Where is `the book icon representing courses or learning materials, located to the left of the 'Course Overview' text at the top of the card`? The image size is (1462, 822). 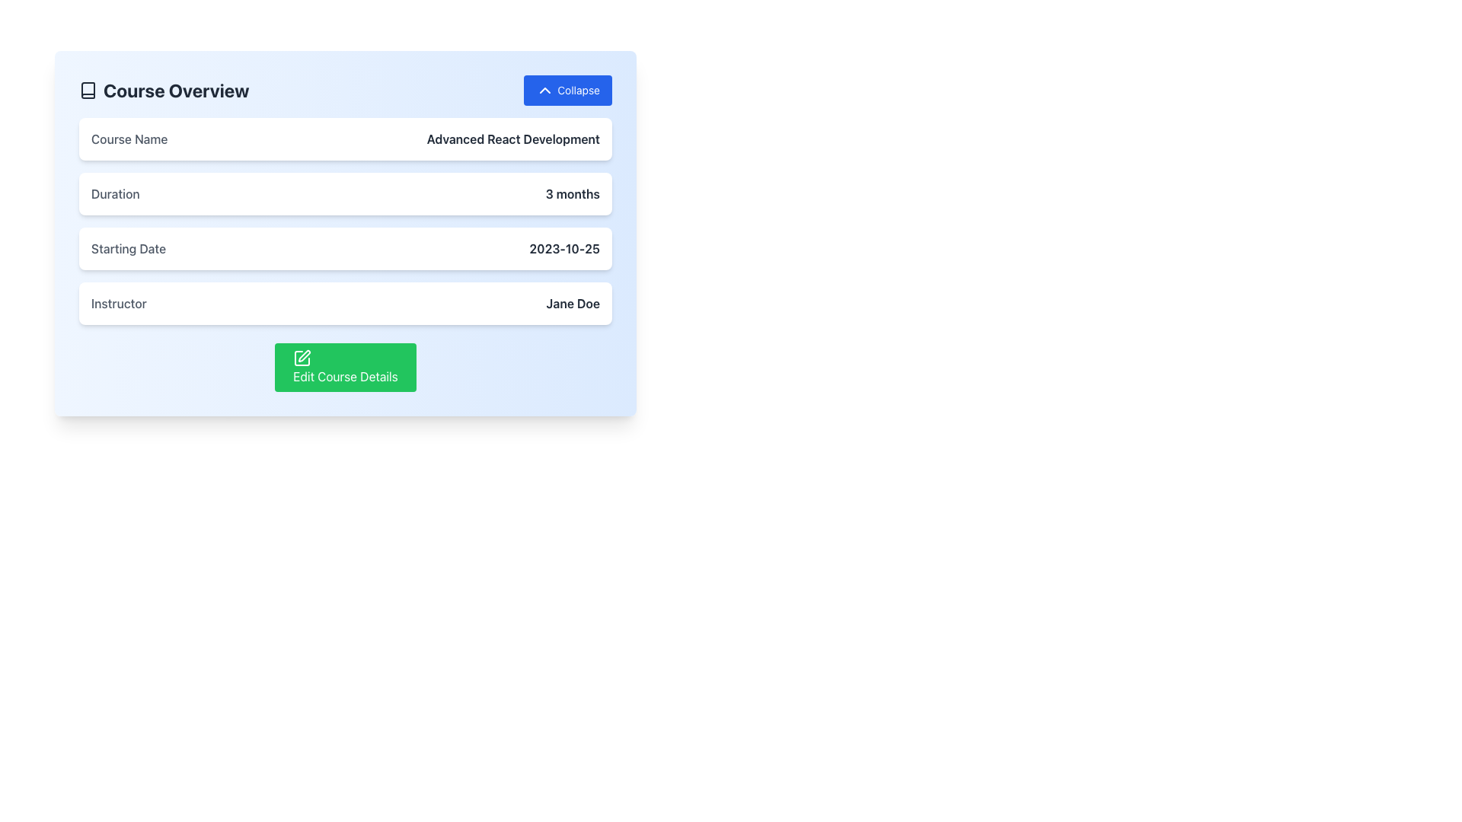
the book icon representing courses or learning materials, located to the left of the 'Course Overview' text at the top of the card is located at coordinates (87, 91).